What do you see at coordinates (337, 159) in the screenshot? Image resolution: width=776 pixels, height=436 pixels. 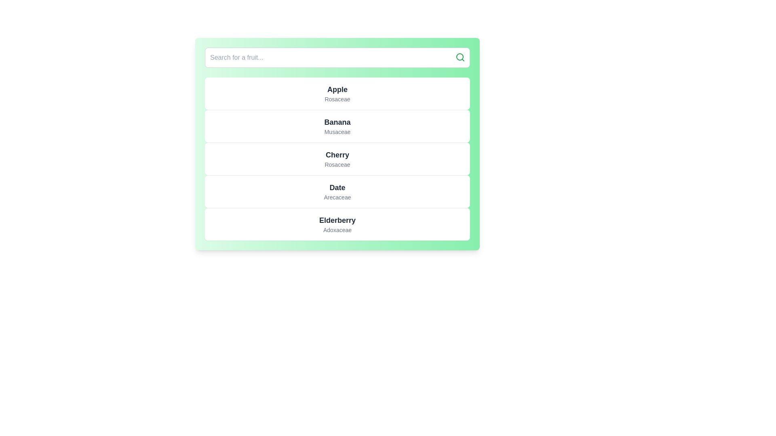 I see `the 'Cherry' card, which displays the fruit name prominently in bold font and is the third card in a vertical list` at bounding box center [337, 159].